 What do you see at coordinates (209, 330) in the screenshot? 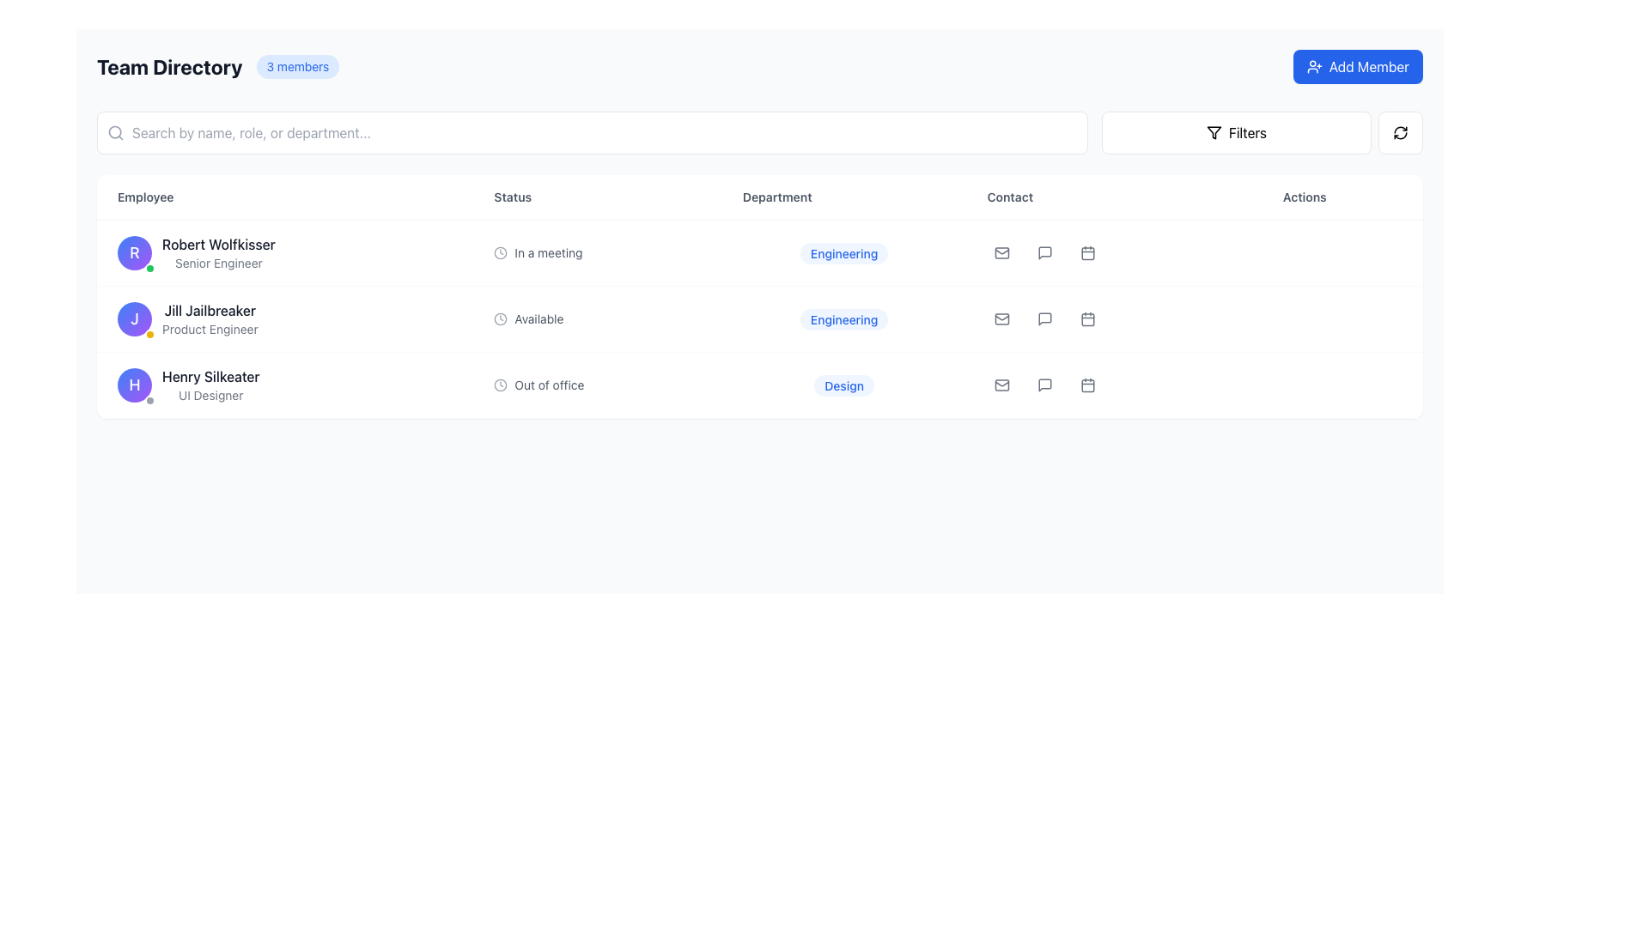
I see `the text label that describes the role or position of the individual named 'Jill Jailbreaker', located in the second row of the table under the 'Employee' column` at bounding box center [209, 330].